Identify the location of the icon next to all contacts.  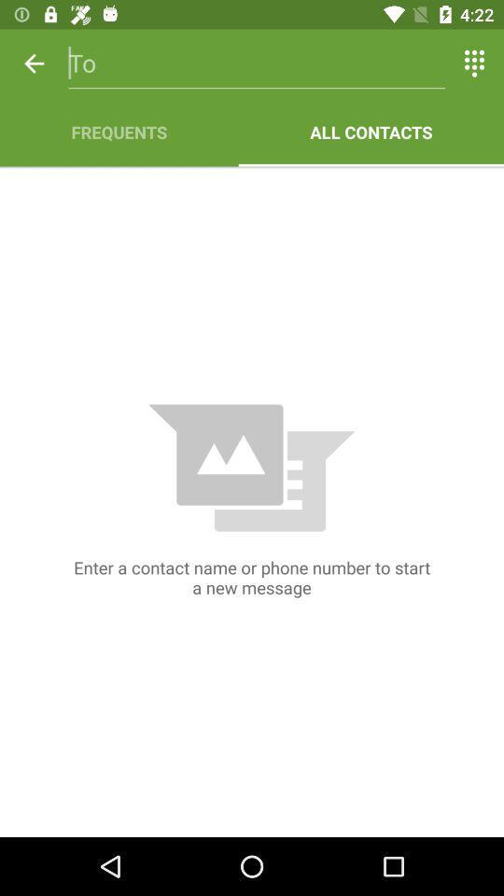
(119, 131).